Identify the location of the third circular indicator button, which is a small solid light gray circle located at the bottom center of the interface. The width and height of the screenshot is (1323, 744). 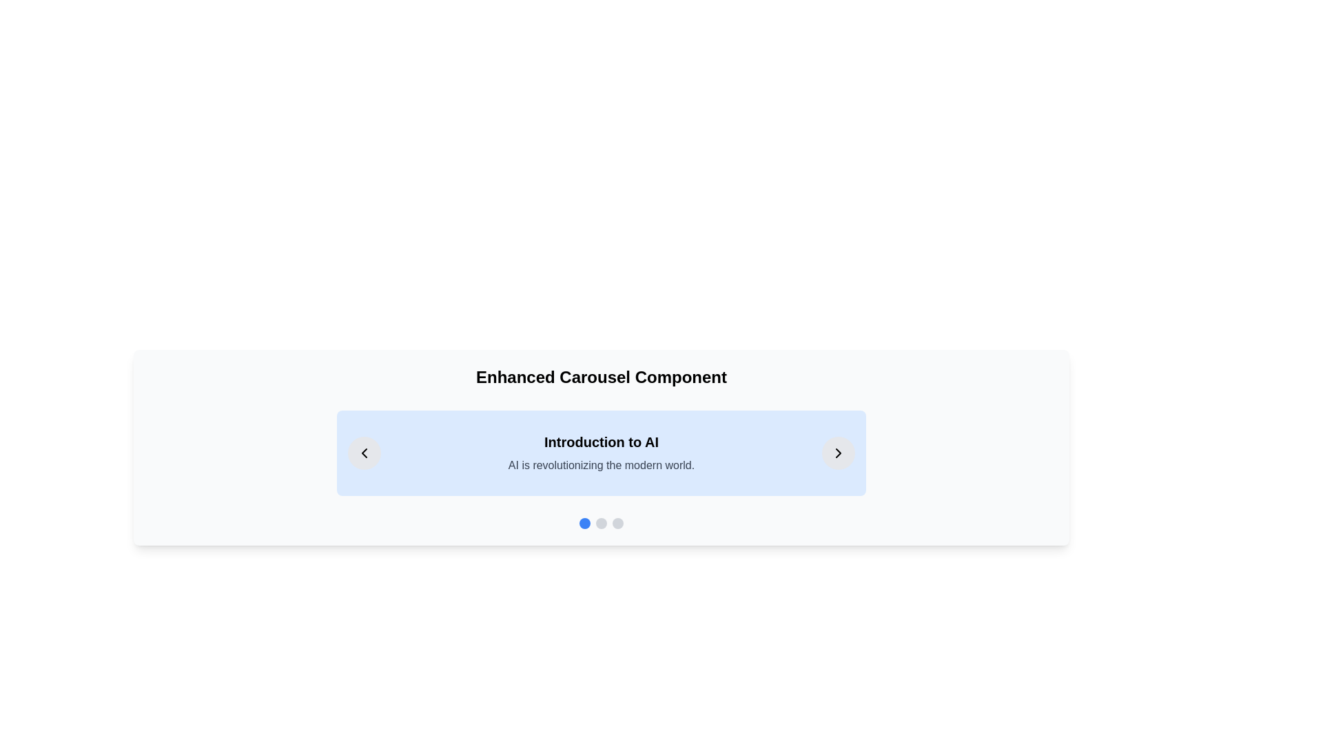
(617, 523).